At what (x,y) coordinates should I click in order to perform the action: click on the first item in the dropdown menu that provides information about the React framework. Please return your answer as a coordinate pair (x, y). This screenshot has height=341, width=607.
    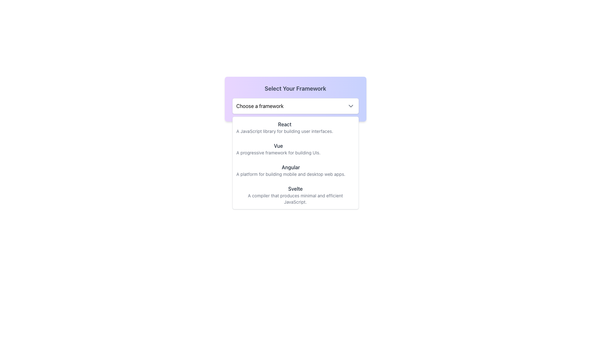
    Looking at the image, I should click on (284, 128).